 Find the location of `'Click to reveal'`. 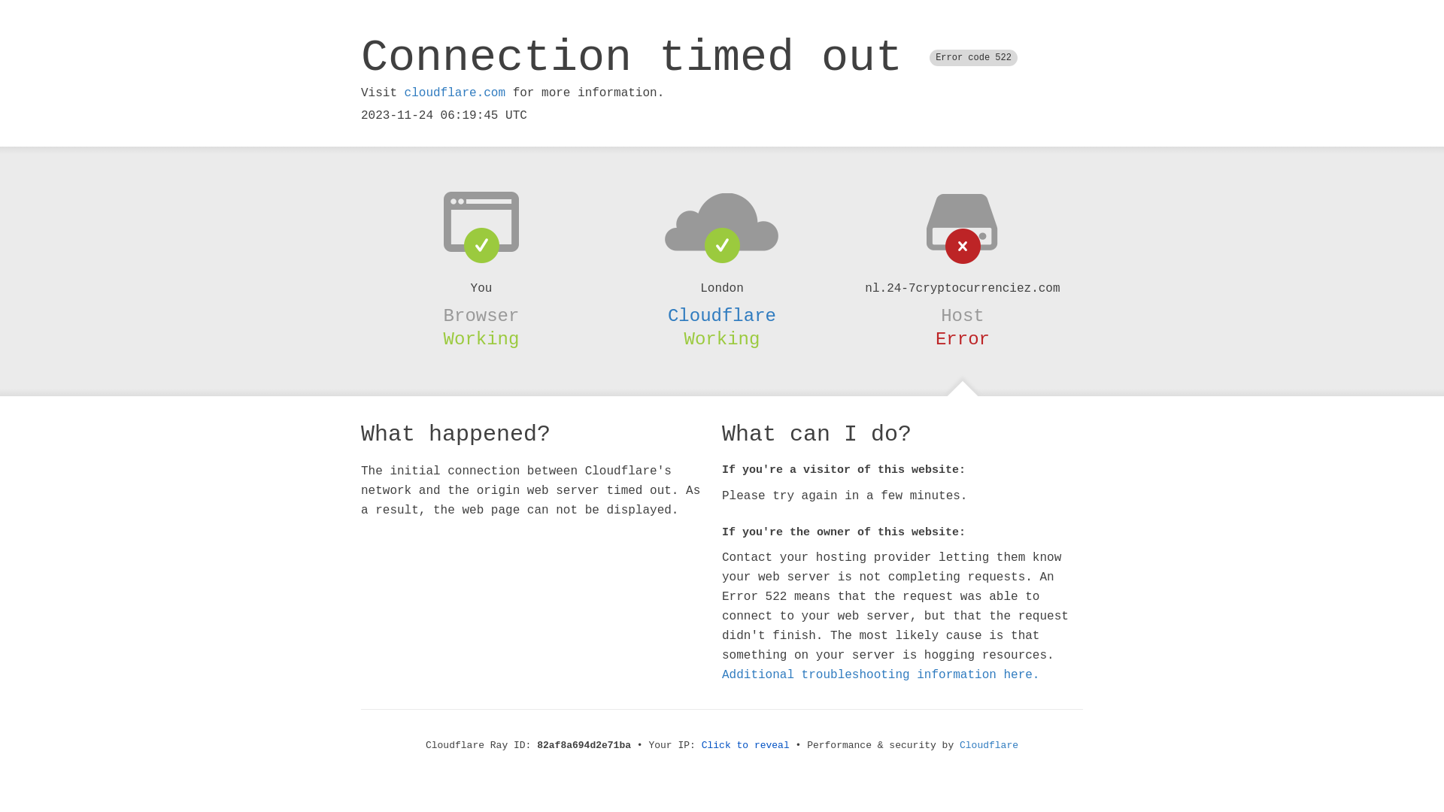

'Click to reveal' is located at coordinates (745, 745).